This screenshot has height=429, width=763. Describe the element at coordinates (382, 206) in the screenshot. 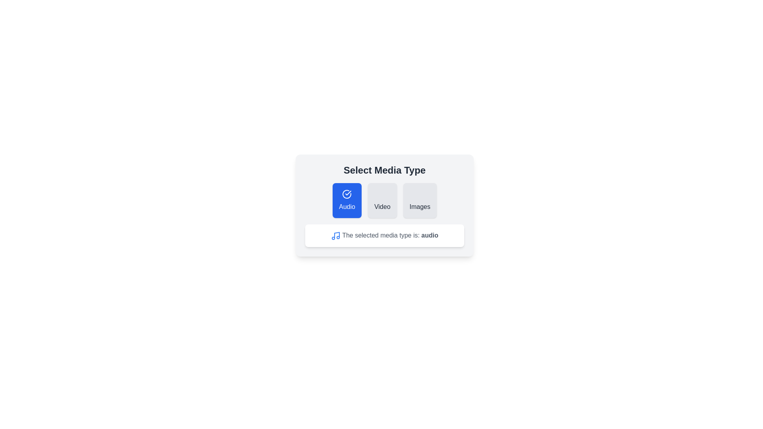

I see `the 'Video' text label within the 'Select Media Type' section, which is centrally located between the 'Audio' and 'Images' options` at that location.